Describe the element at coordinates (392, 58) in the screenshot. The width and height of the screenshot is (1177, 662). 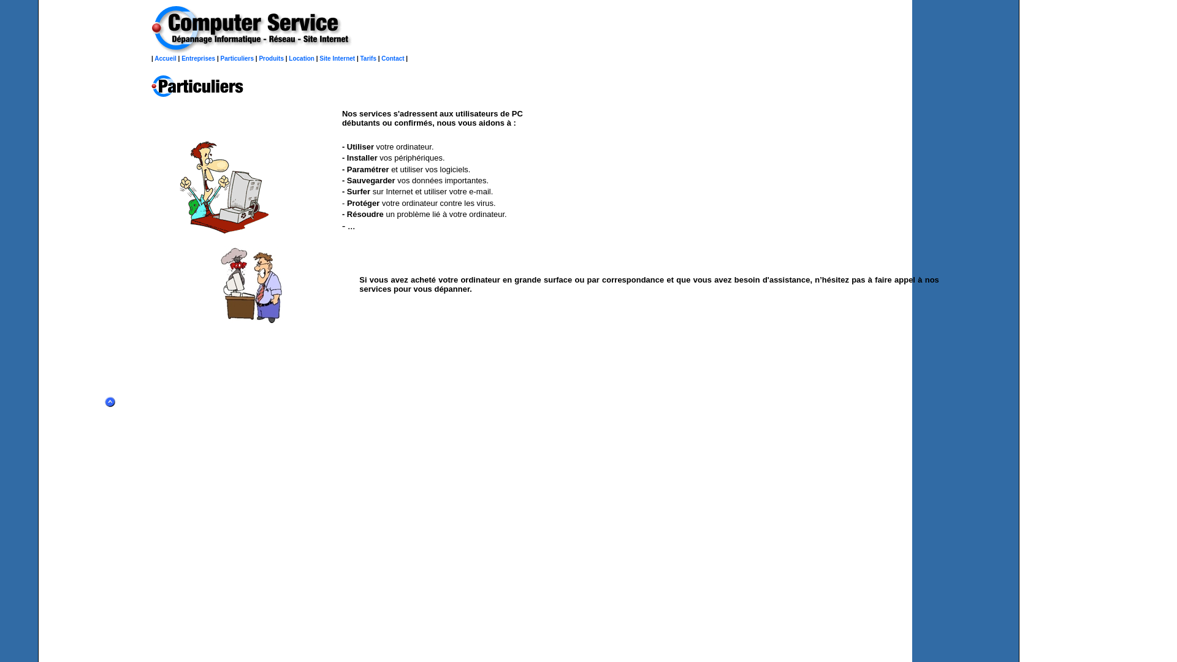
I see `'Contact'` at that location.